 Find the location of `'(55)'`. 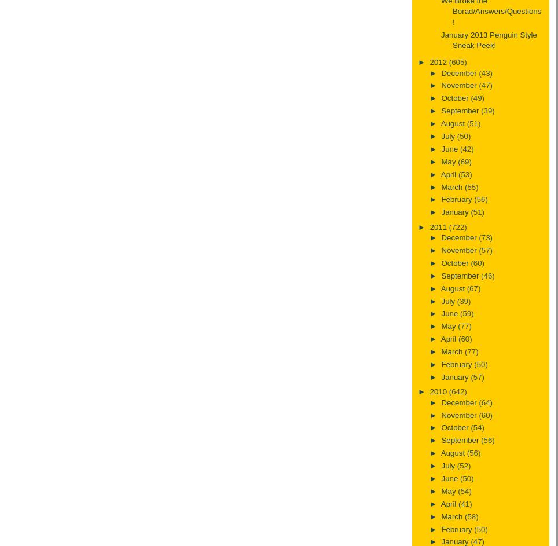

'(55)' is located at coordinates (471, 186).